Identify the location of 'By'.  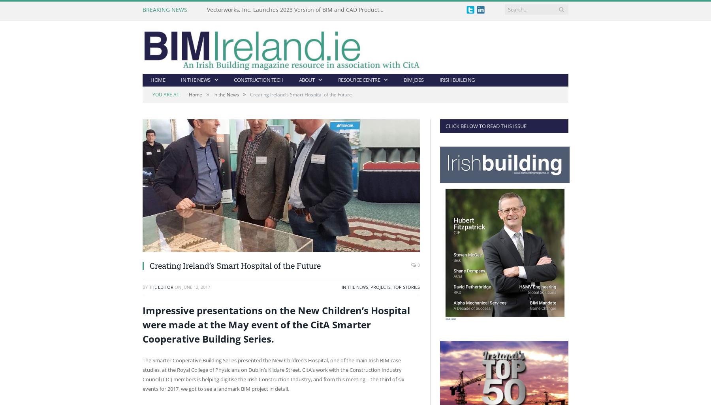
(143, 286).